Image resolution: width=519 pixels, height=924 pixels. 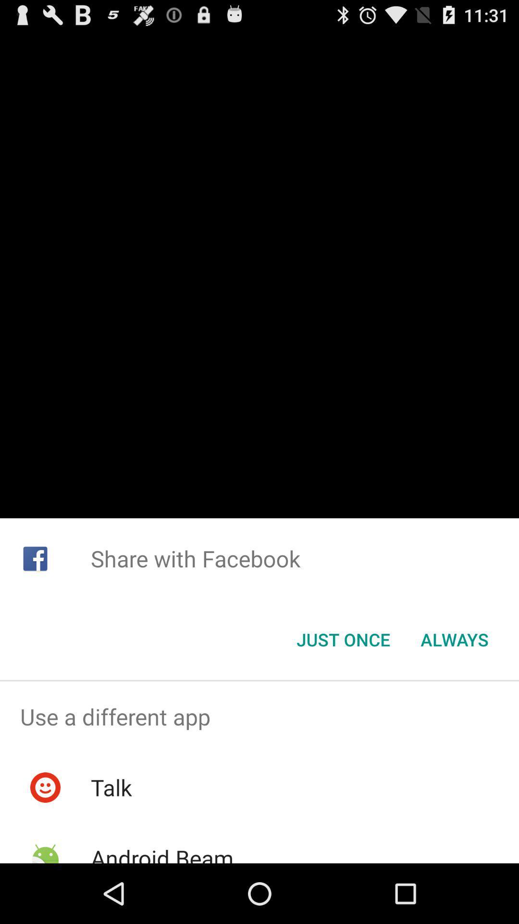 I want to click on talk icon, so click(x=111, y=787).